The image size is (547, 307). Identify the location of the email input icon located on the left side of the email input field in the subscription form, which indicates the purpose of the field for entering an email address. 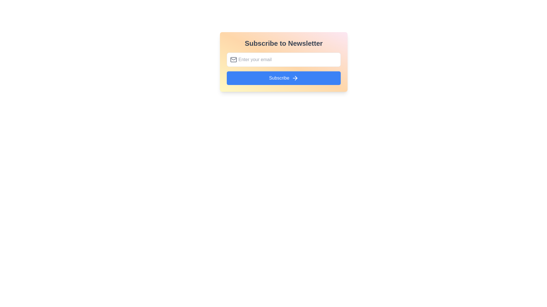
(234, 59).